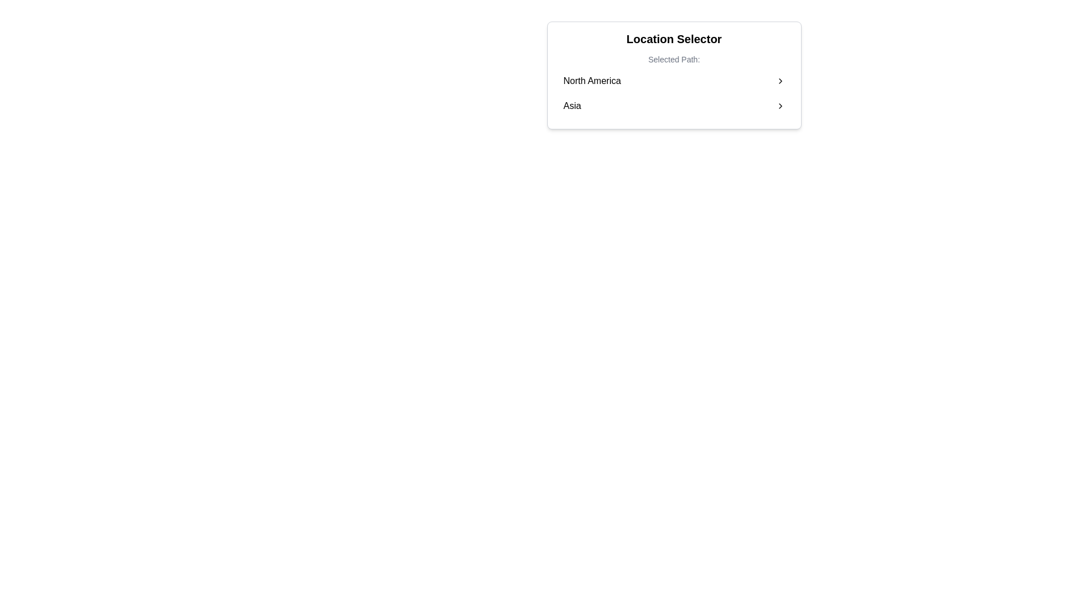  Describe the element at coordinates (779, 80) in the screenshot. I see `the icon/button positioned to the far right of the 'North America' text row` at that location.